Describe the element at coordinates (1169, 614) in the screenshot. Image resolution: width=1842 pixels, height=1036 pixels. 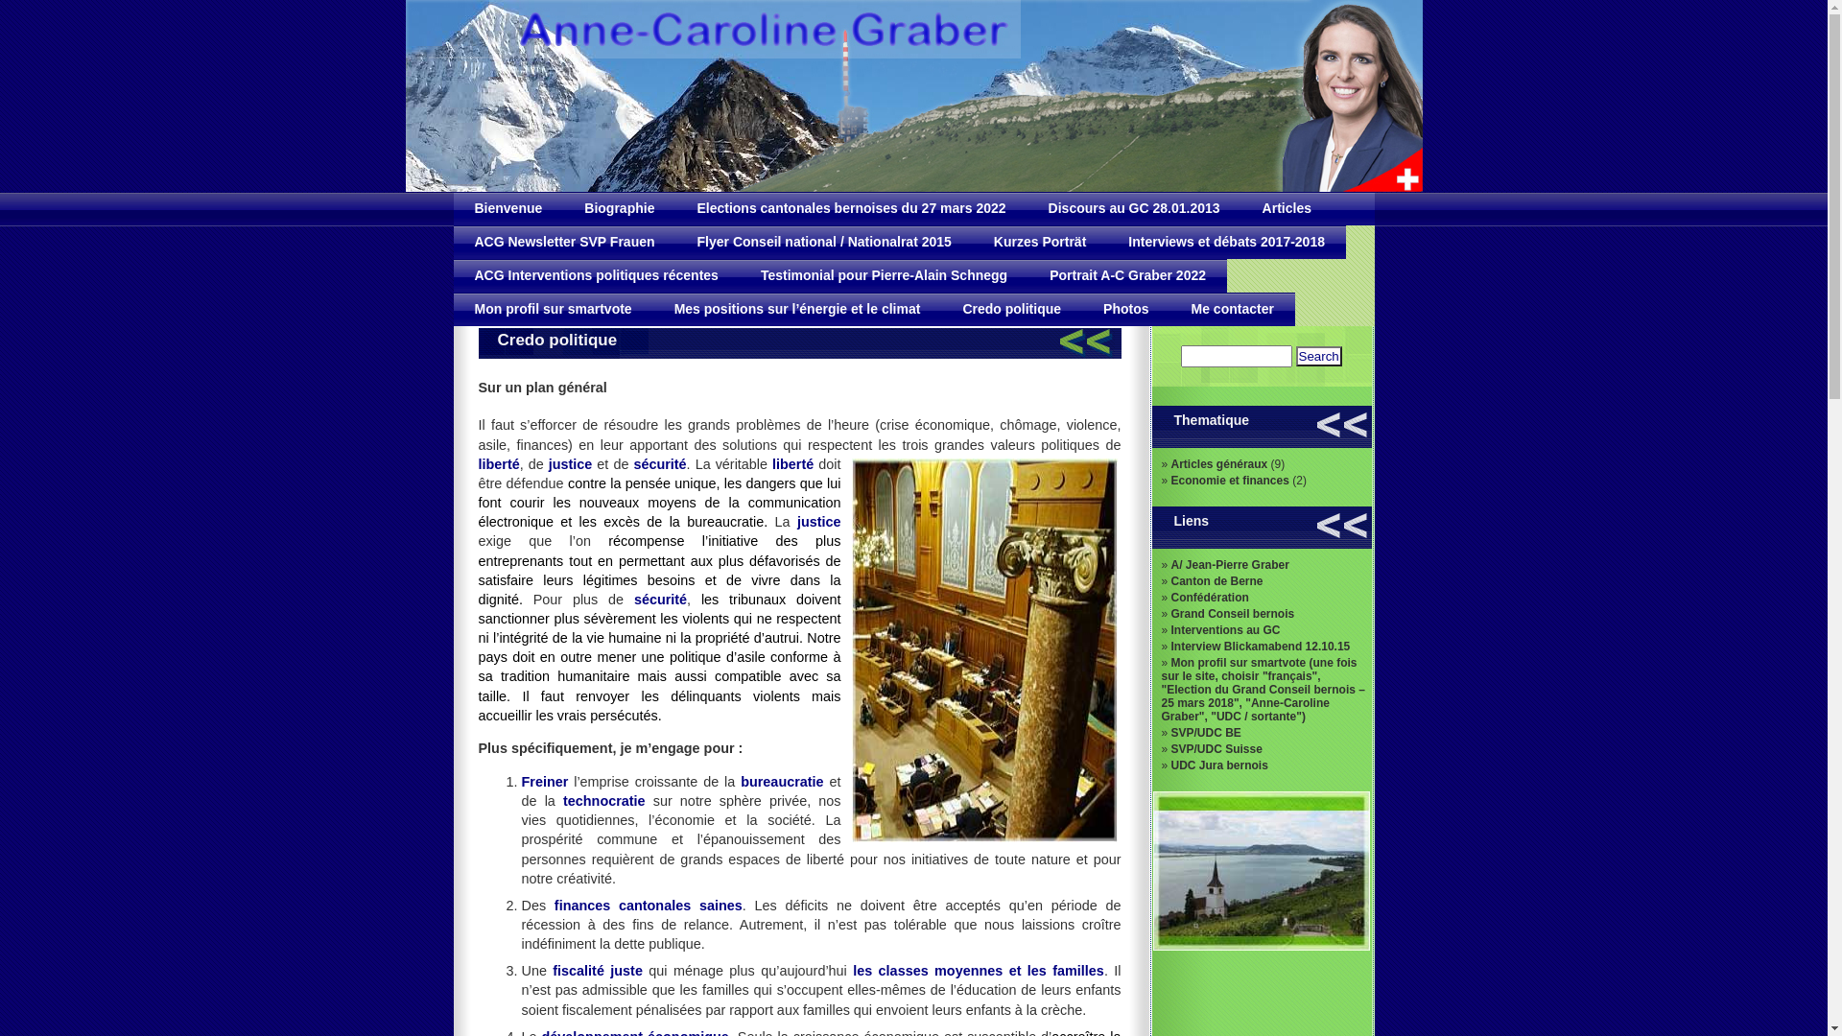
I see `'Grand Conseil bernois'` at that location.